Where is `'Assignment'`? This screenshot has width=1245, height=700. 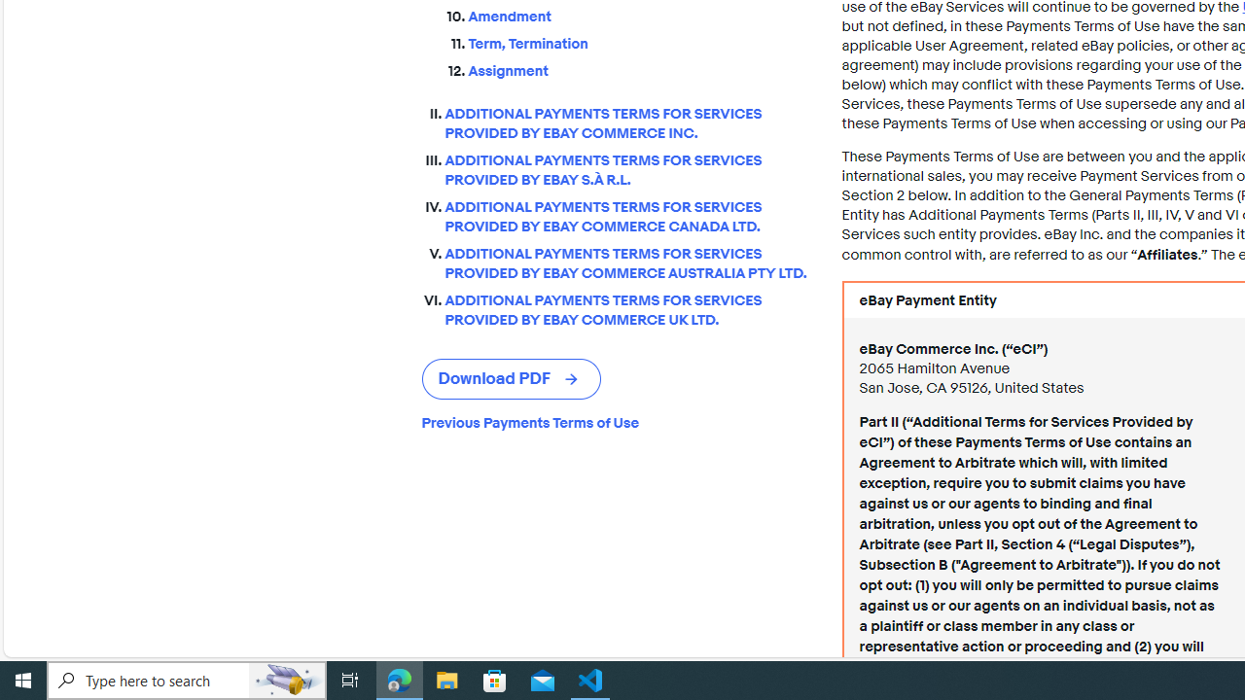 'Assignment' is located at coordinates (639, 66).